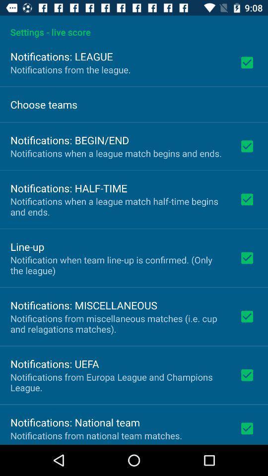  I want to click on icon below the notifications from the icon, so click(43, 104).